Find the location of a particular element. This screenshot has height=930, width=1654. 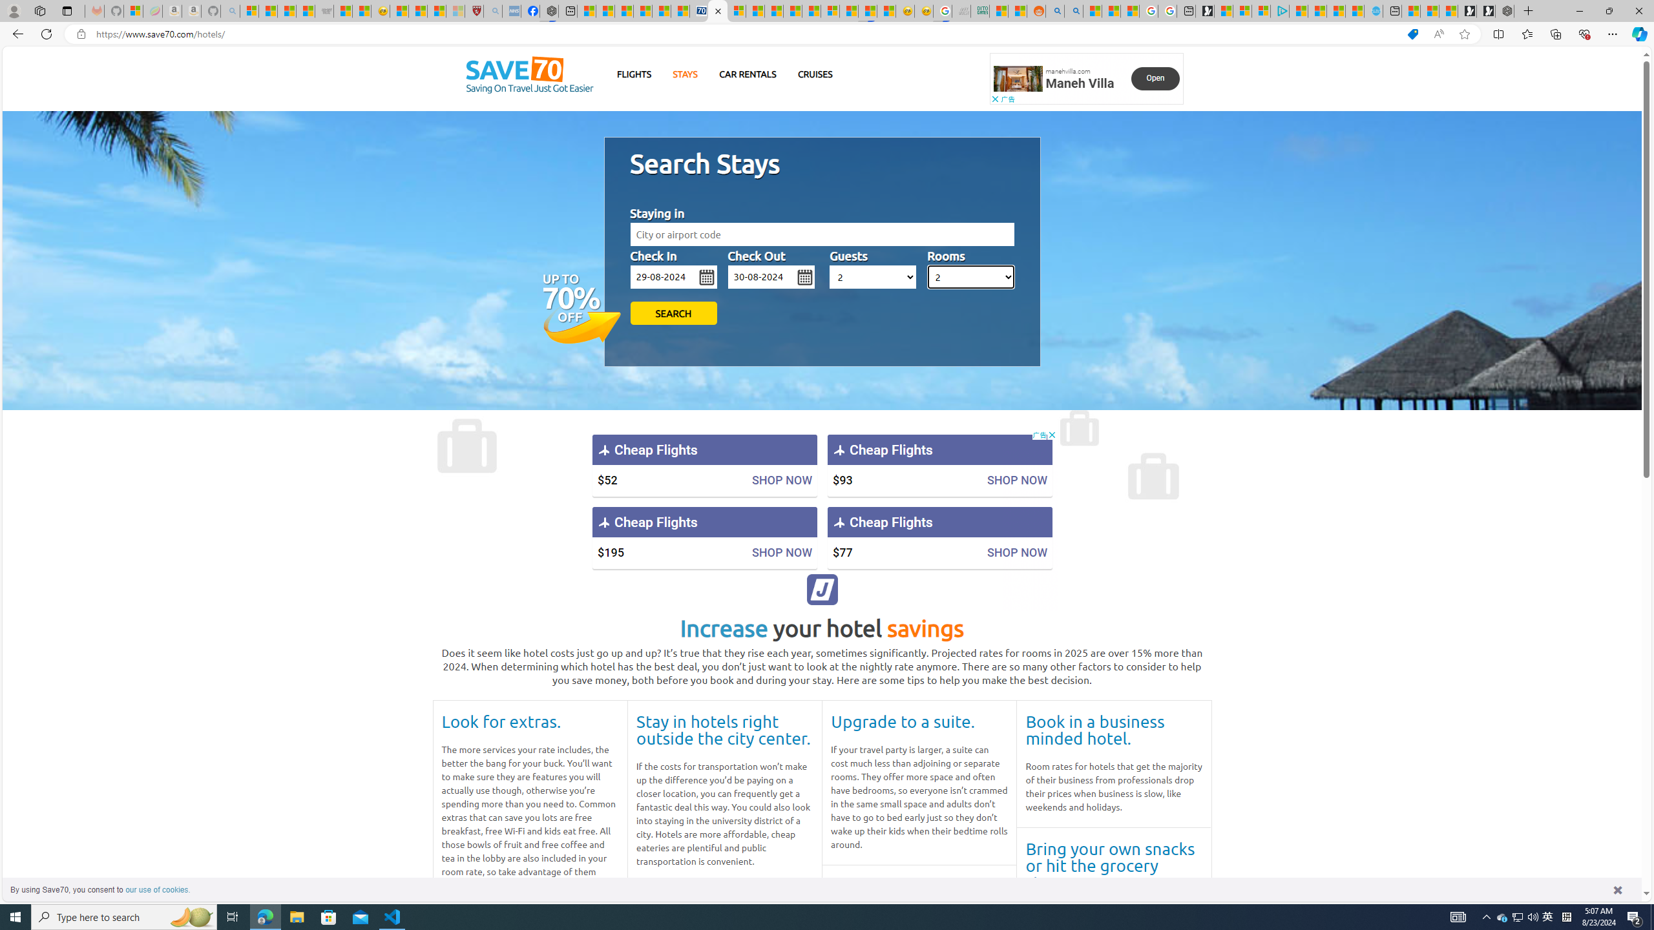

'City or airport code' is located at coordinates (821, 234).